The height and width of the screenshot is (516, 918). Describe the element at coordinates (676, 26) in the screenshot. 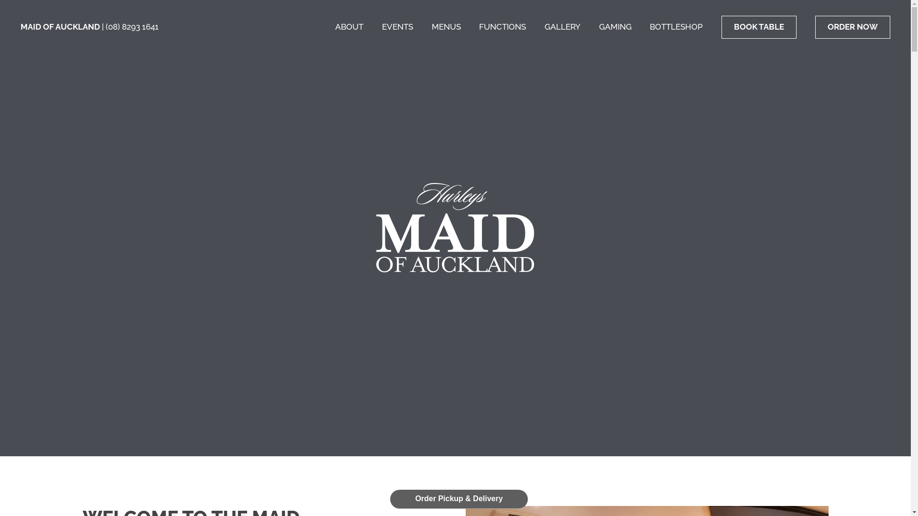

I see `'BOTTLESHOP'` at that location.